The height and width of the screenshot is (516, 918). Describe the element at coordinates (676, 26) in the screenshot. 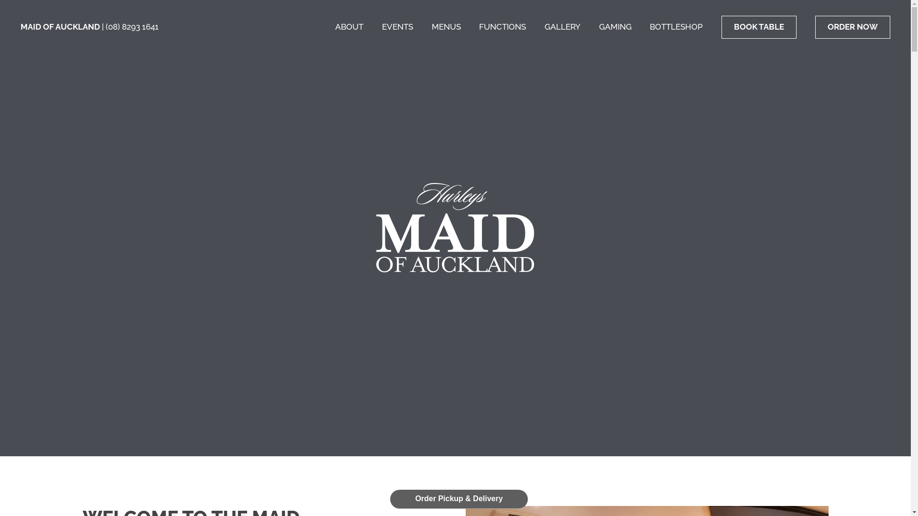

I see `'BOTTLESHOP'` at that location.